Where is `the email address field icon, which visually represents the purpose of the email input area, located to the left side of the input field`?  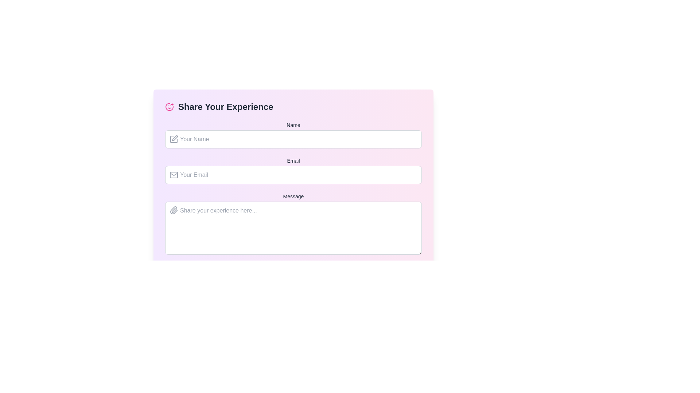 the email address field icon, which visually represents the purpose of the email input area, located to the left side of the input field is located at coordinates (173, 175).